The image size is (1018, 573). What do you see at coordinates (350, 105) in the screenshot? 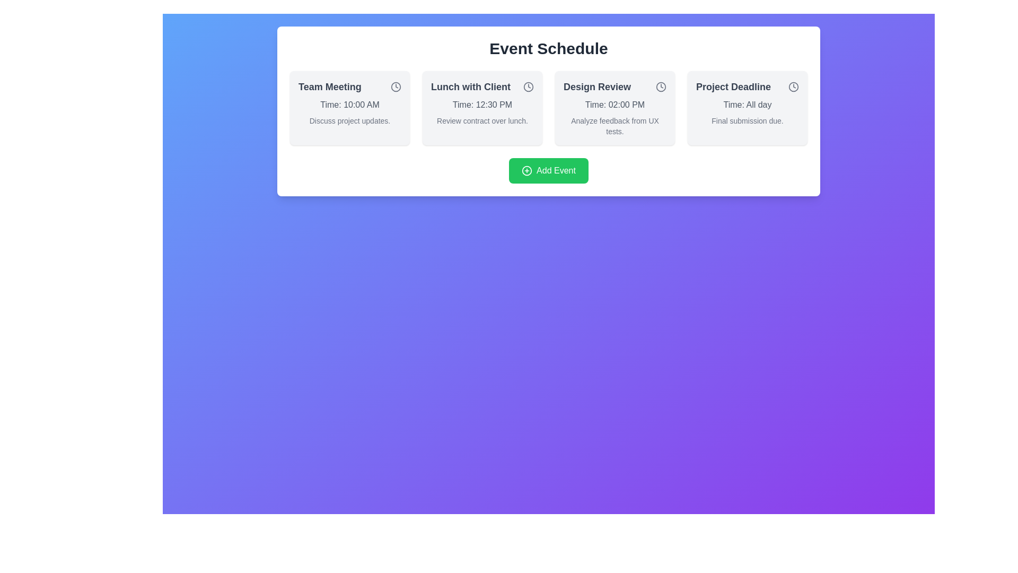
I see `the text label displaying the scheduled time for the 'Team Meeting' event, which is located within the 'Team Meeting' card, positioned directly below the title` at bounding box center [350, 105].